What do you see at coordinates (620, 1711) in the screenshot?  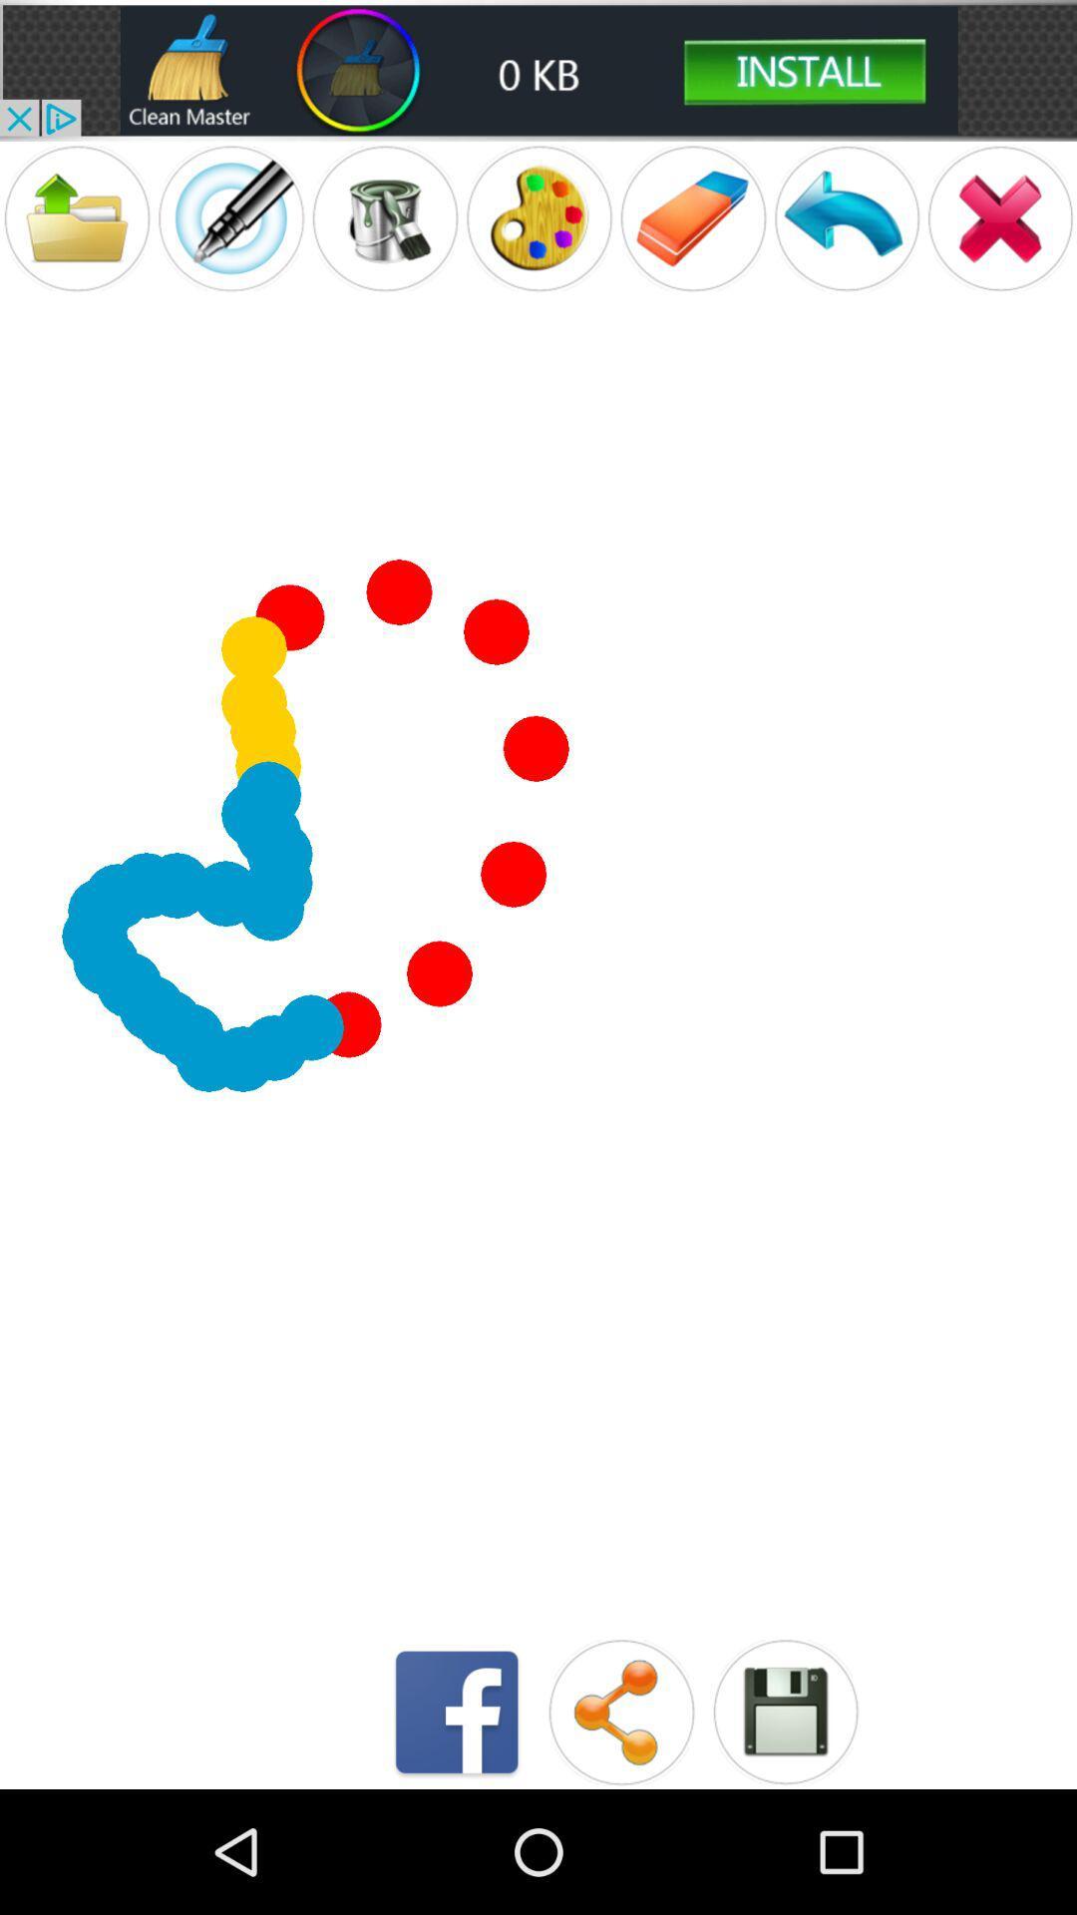 I see `share creation` at bounding box center [620, 1711].